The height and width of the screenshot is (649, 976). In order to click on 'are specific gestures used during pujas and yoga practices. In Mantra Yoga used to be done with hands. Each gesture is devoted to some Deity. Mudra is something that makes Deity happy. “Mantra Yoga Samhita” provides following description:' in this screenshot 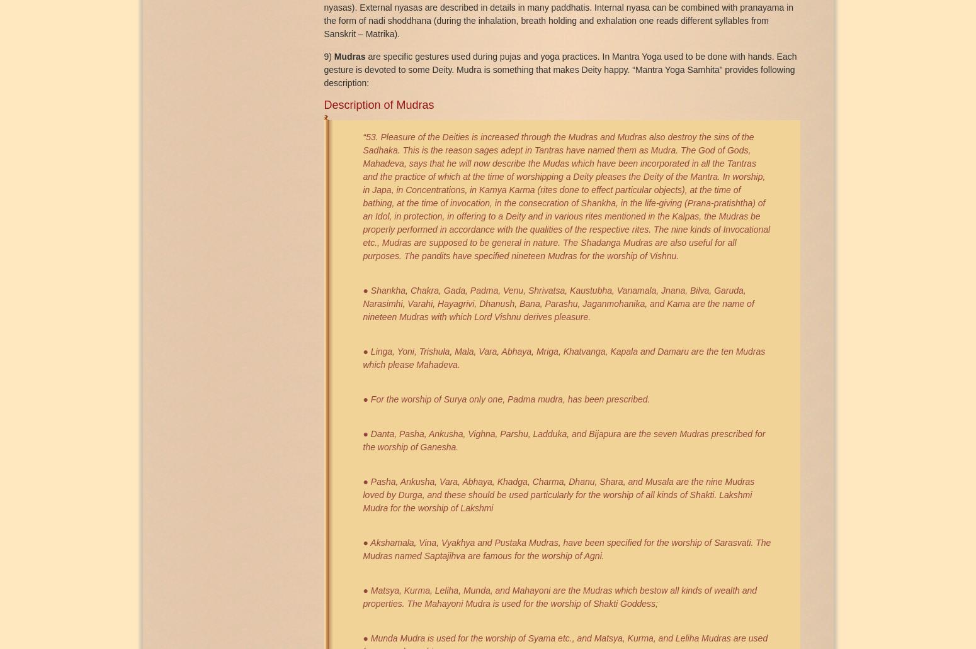, I will do `click(322, 69)`.